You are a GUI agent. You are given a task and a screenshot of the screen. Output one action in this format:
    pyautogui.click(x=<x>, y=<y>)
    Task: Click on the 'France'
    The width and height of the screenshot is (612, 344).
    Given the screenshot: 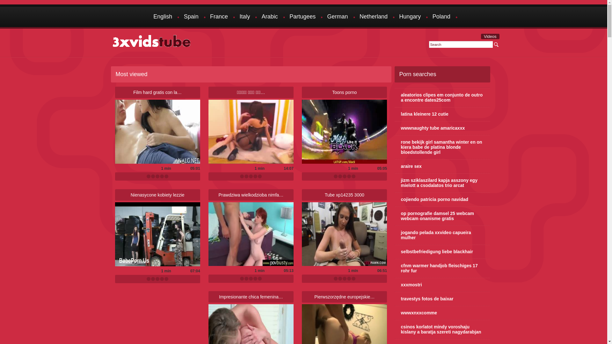 What is the action you would take?
    pyautogui.click(x=219, y=17)
    